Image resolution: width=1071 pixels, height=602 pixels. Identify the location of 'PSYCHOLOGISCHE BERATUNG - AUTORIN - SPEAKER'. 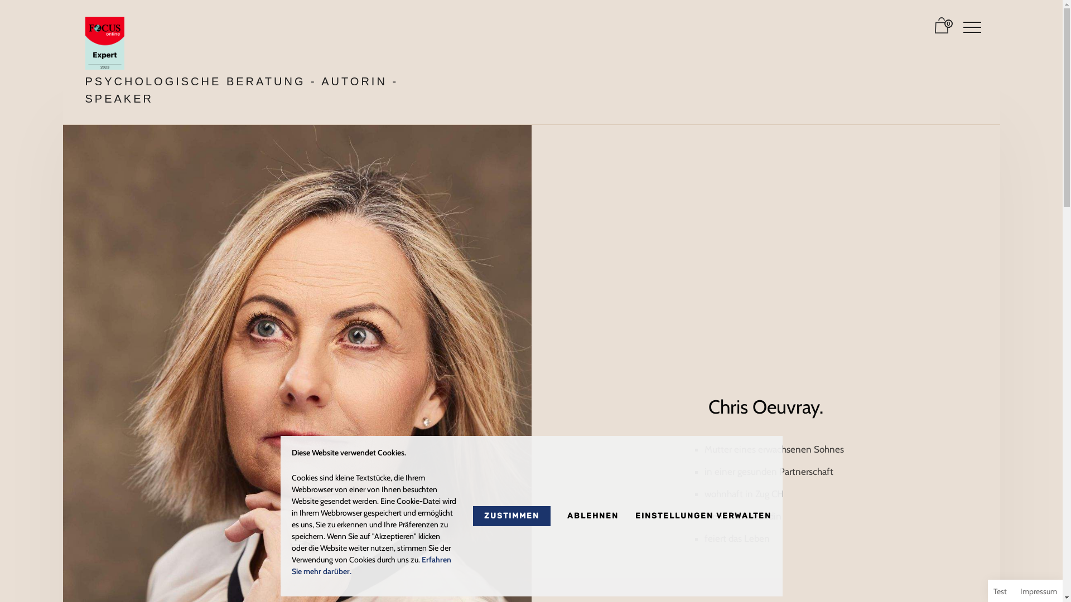
(240, 89).